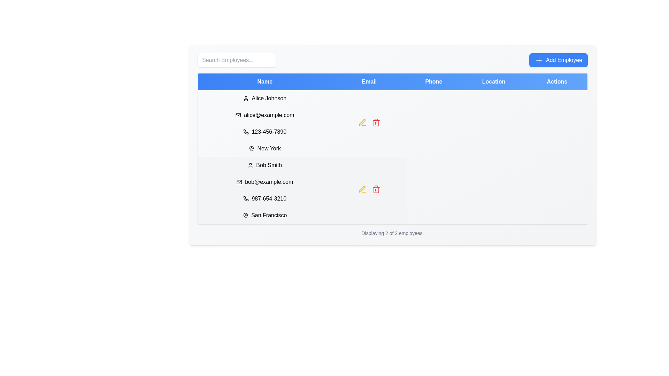 Image resolution: width=669 pixels, height=376 pixels. Describe the element at coordinates (251, 165) in the screenshot. I see `the user profile icon located to the left of the text 'Bob Smith' in the employee listing table` at that location.